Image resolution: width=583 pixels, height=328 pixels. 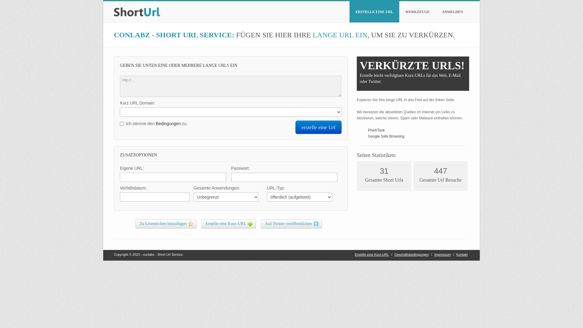 What do you see at coordinates (417, 12) in the screenshot?
I see `'WERKZEUGE'` at bounding box center [417, 12].